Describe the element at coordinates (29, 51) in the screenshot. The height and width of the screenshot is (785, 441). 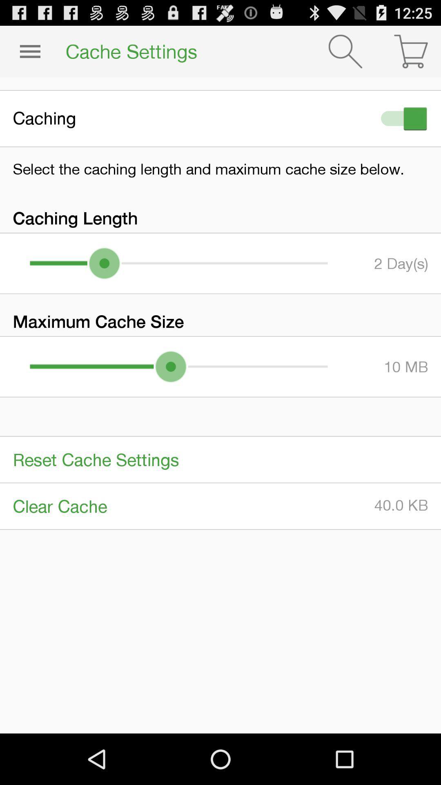
I see `menu` at that location.